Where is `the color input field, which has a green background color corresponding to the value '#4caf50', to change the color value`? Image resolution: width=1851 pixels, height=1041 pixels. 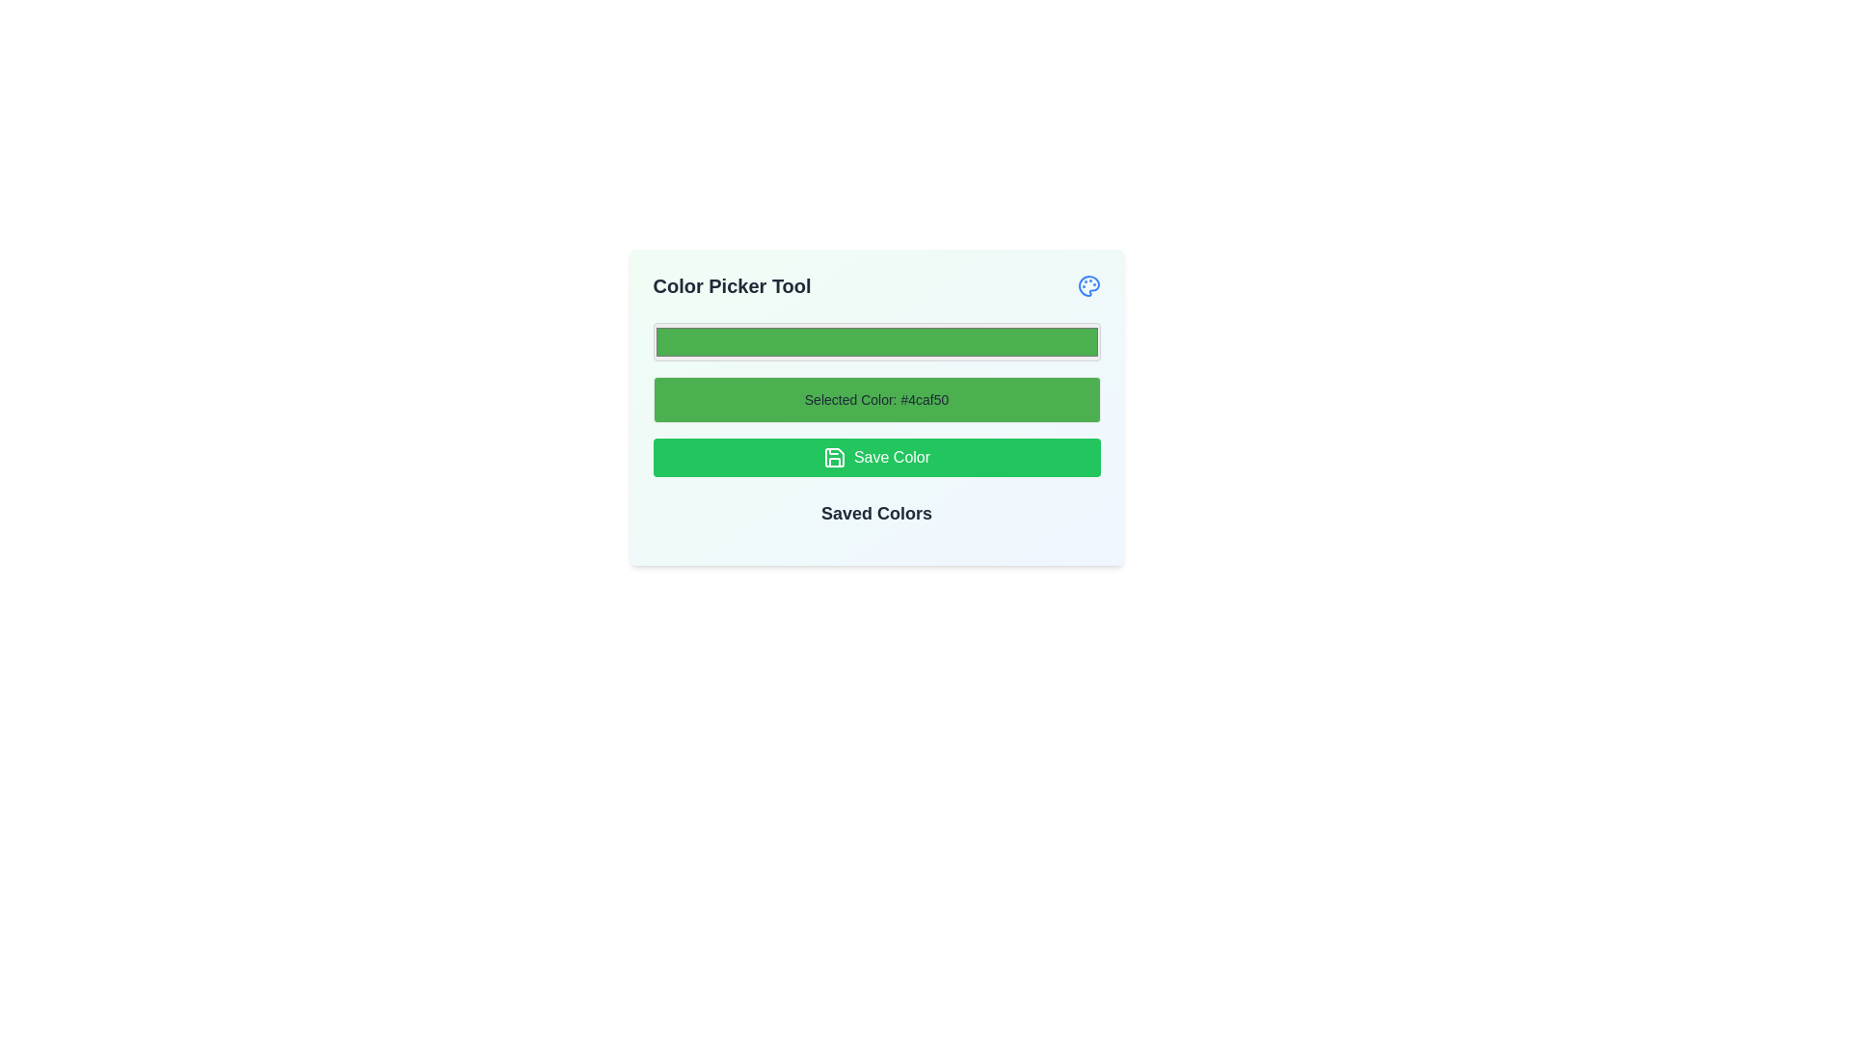
the color input field, which has a green background color corresponding to the value '#4caf50', to change the color value is located at coordinates (875, 340).